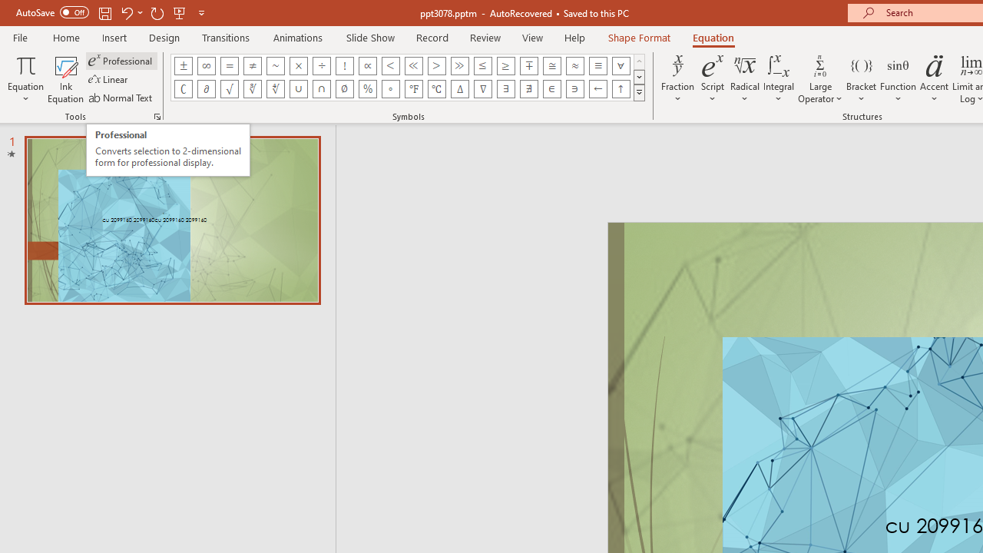  Describe the element at coordinates (65, 79) in the screenshot. I see `'Ink Equation'` at that location.